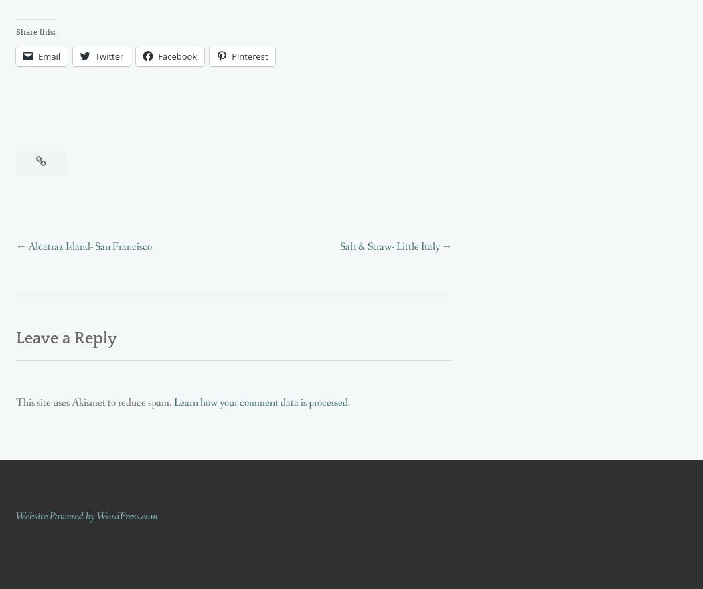  I want to click on 'Email', so click(48, 54).